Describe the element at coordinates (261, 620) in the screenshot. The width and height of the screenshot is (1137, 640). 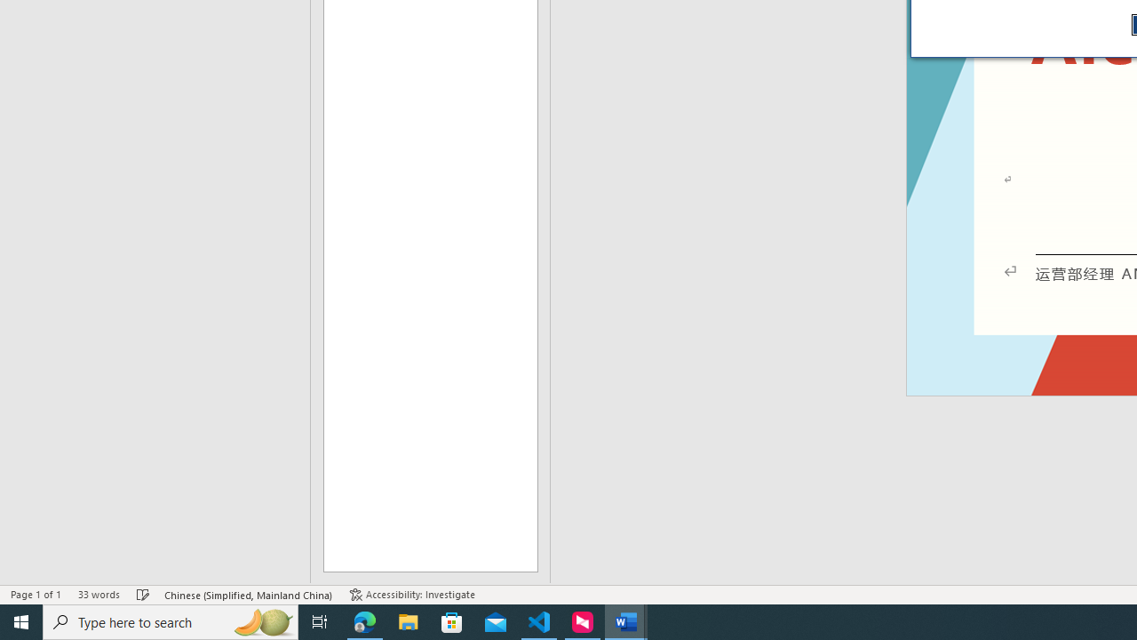
I see `'Search highlights icon opens search home window'` at that location.